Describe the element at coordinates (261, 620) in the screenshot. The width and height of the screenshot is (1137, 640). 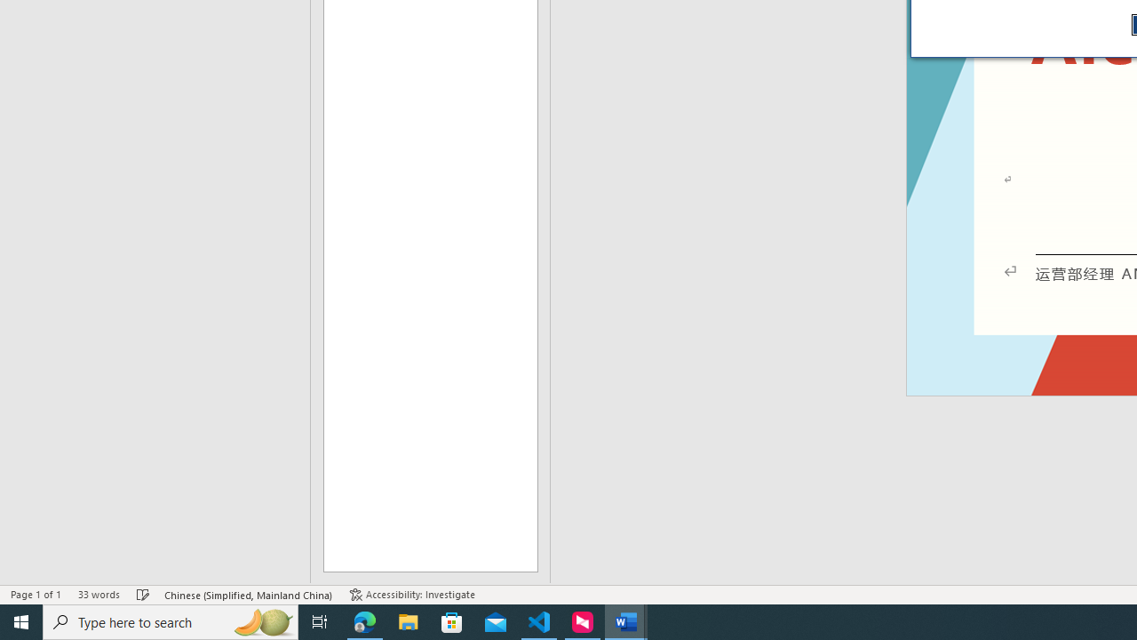
I see `'Search highlights icon opens search home window'` at that location.